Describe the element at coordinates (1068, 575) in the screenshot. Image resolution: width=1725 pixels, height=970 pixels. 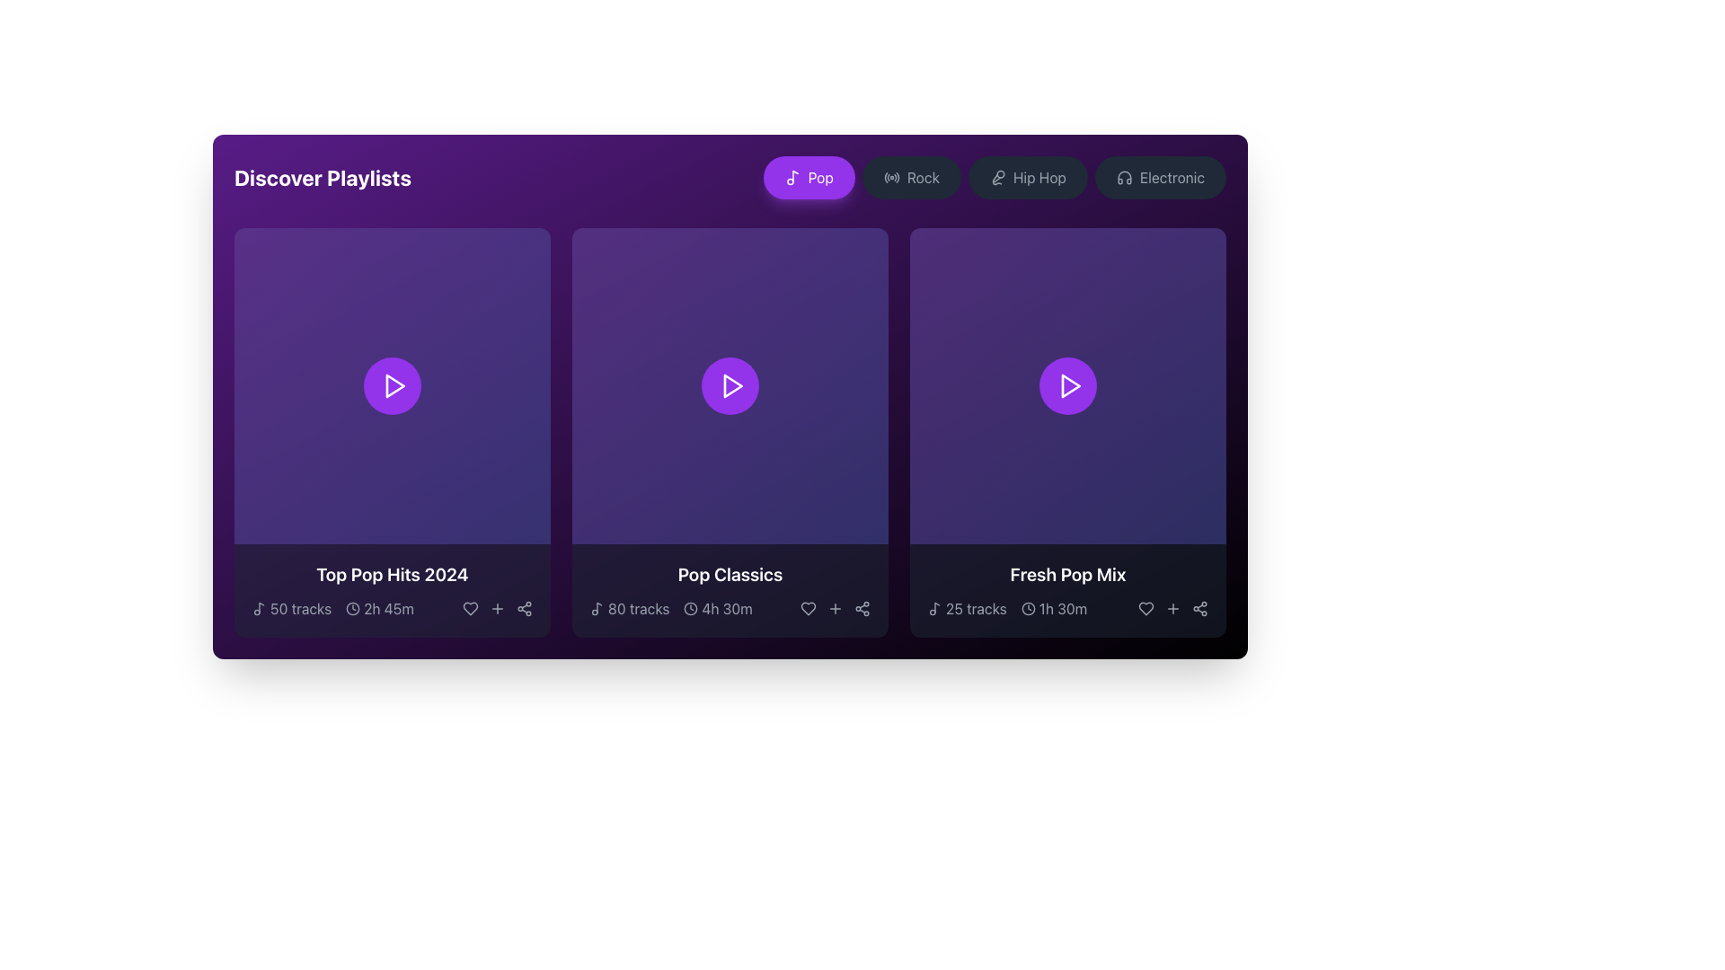
I see `the Text label that serves as the header for the 'Fresh Pop Mix' playlist, located in the center of the bottom segment of the rightmost playlist card` at that location.